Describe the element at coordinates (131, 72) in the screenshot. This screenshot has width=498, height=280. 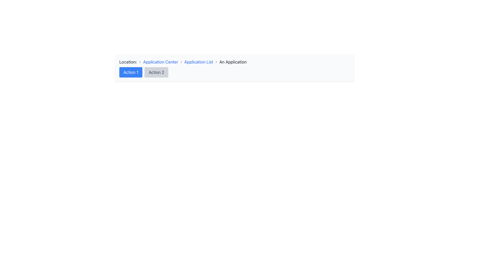
I see `the rectangular button with a blue background and white text labeled 'Action 1' to change its appearance` at that location.